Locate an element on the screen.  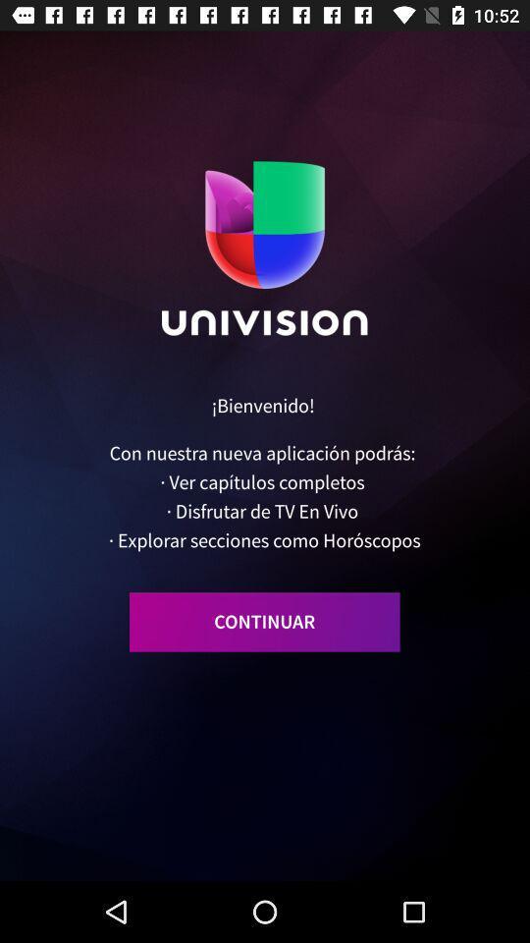
the icon below con nuestra nueva icon is located at coordinates (264, 621).